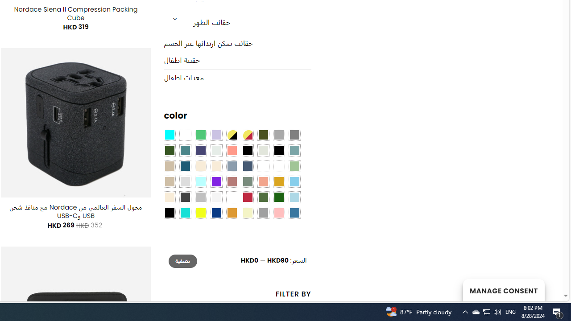 Image resolution: width=571 pixels, height=321 pixels. What do you see at coordinates (232, 181) in the screenshot?
I see `'Rose'` at bounding box center [232, 181].